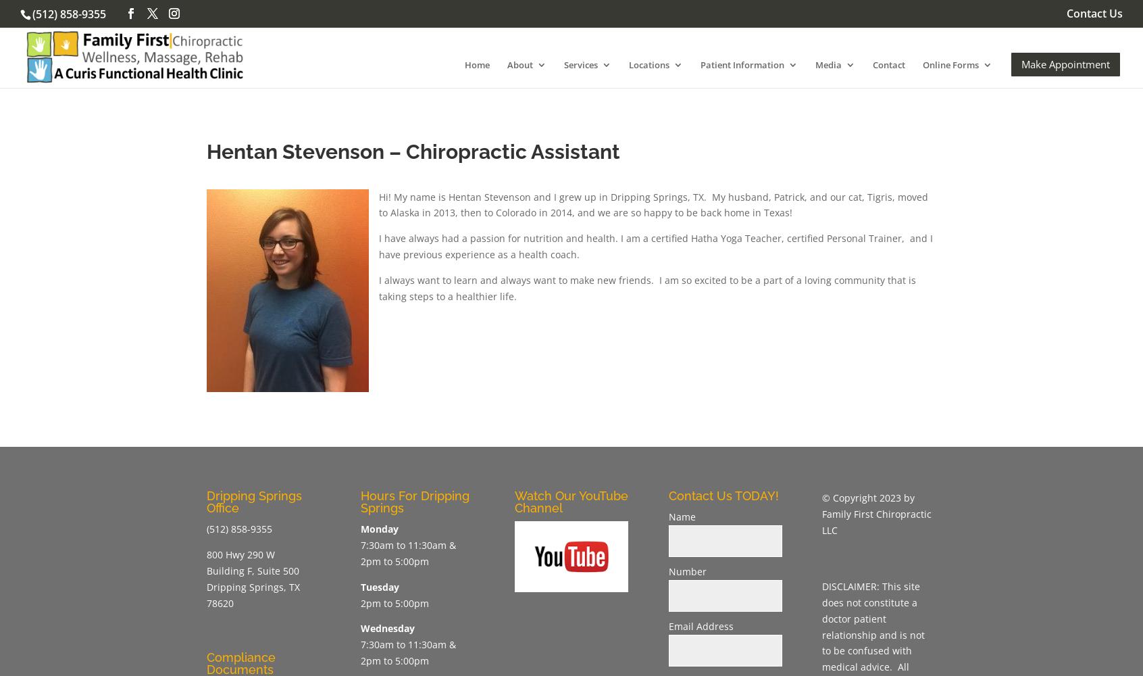 This screenshot has width=1143, height=676. What do you see at coordinates (754, 208) in the screenshot?
I see `'Testimonials'` at bounding box center [754, 208].